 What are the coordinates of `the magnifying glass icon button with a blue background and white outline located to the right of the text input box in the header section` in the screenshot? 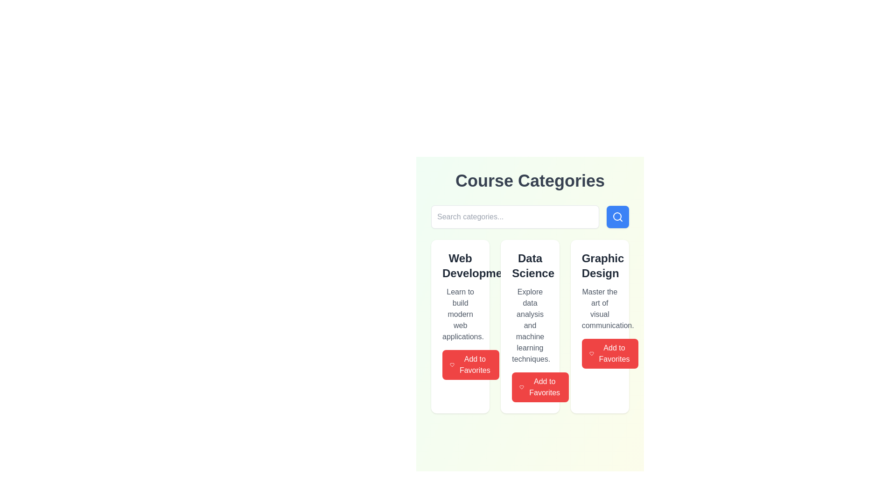 It's located at (618, 217).